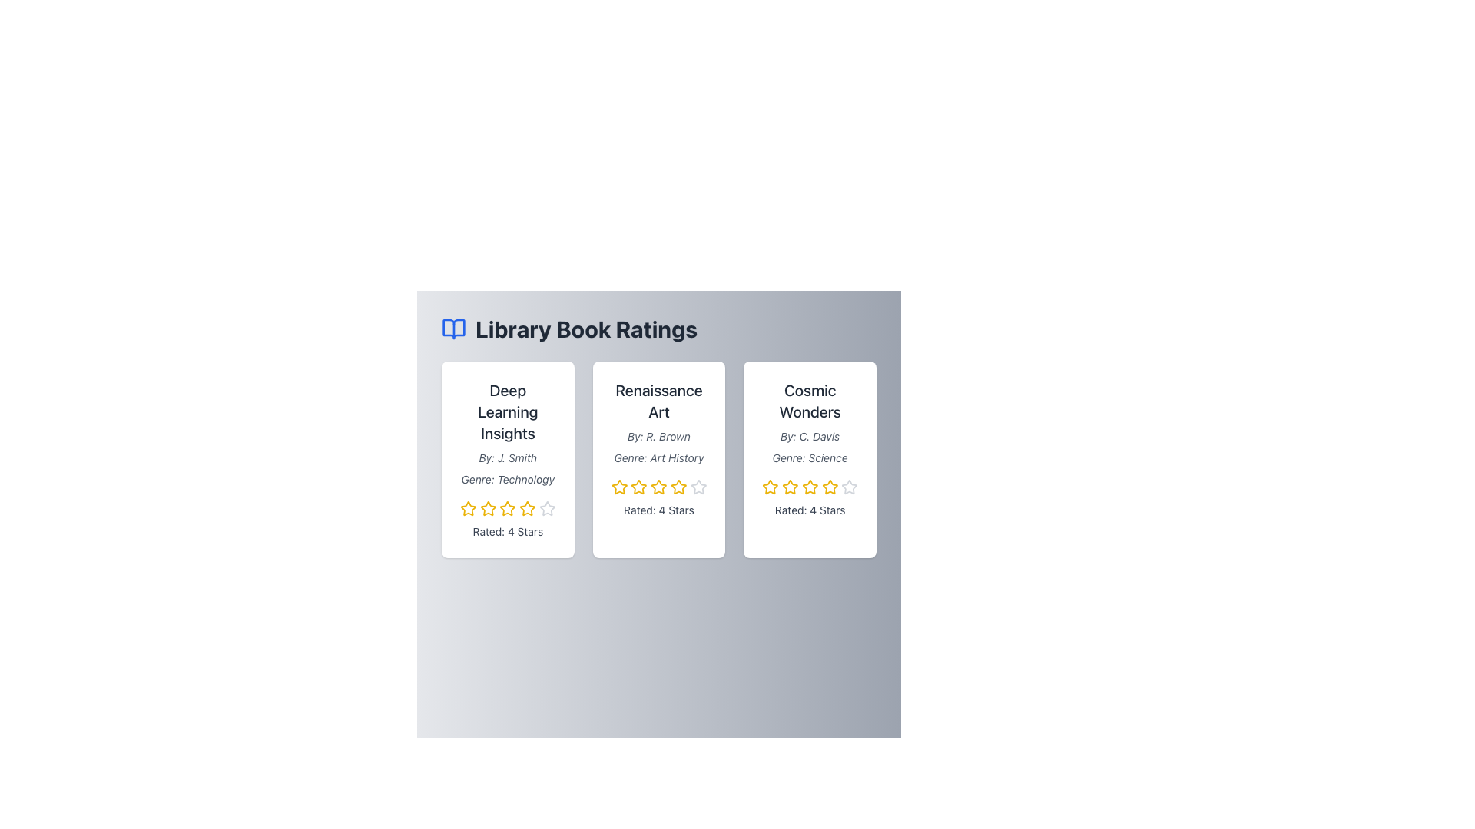  What do you see at coordinates (508, 457) in the screenshot?
I see `text label stating 'By: J. Smith', which is styled in a small, italicized gray font, located beneath the header 'Deep Learning Insights' and above the genre line in the first card of a three-column layout` at bounding box center [508, 457].